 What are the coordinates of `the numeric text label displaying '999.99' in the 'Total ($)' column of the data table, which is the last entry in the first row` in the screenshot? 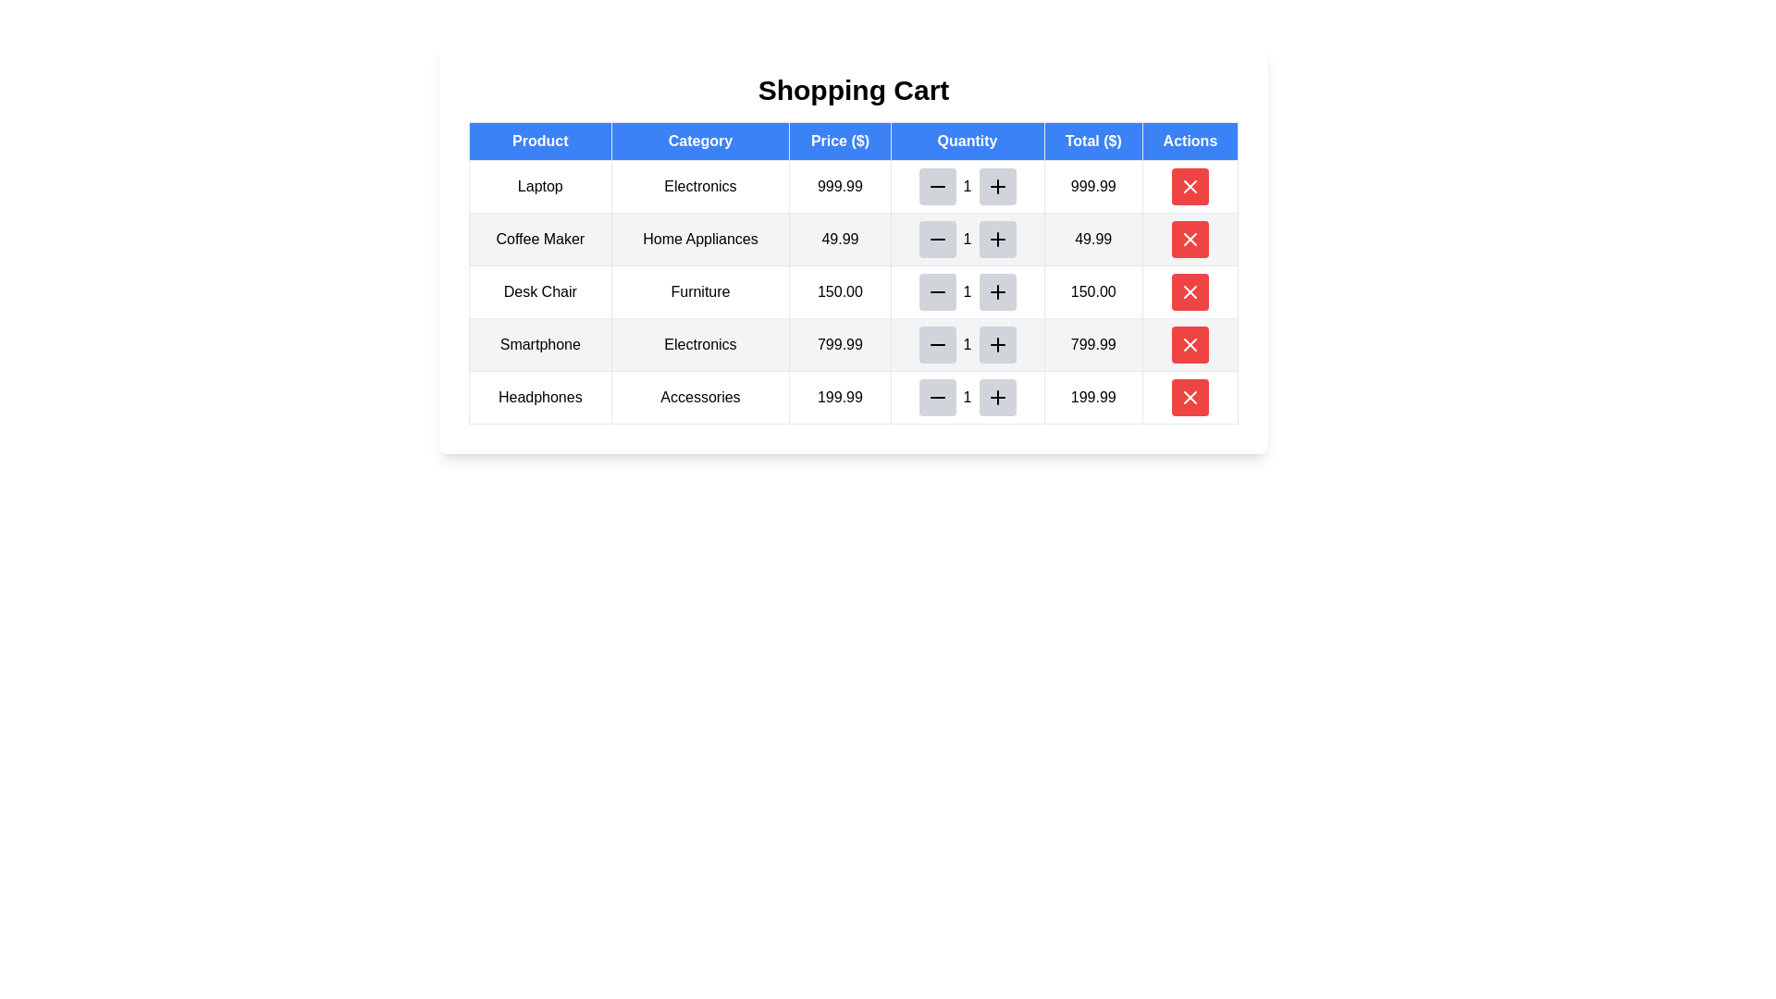 It's located at (1093, 186).